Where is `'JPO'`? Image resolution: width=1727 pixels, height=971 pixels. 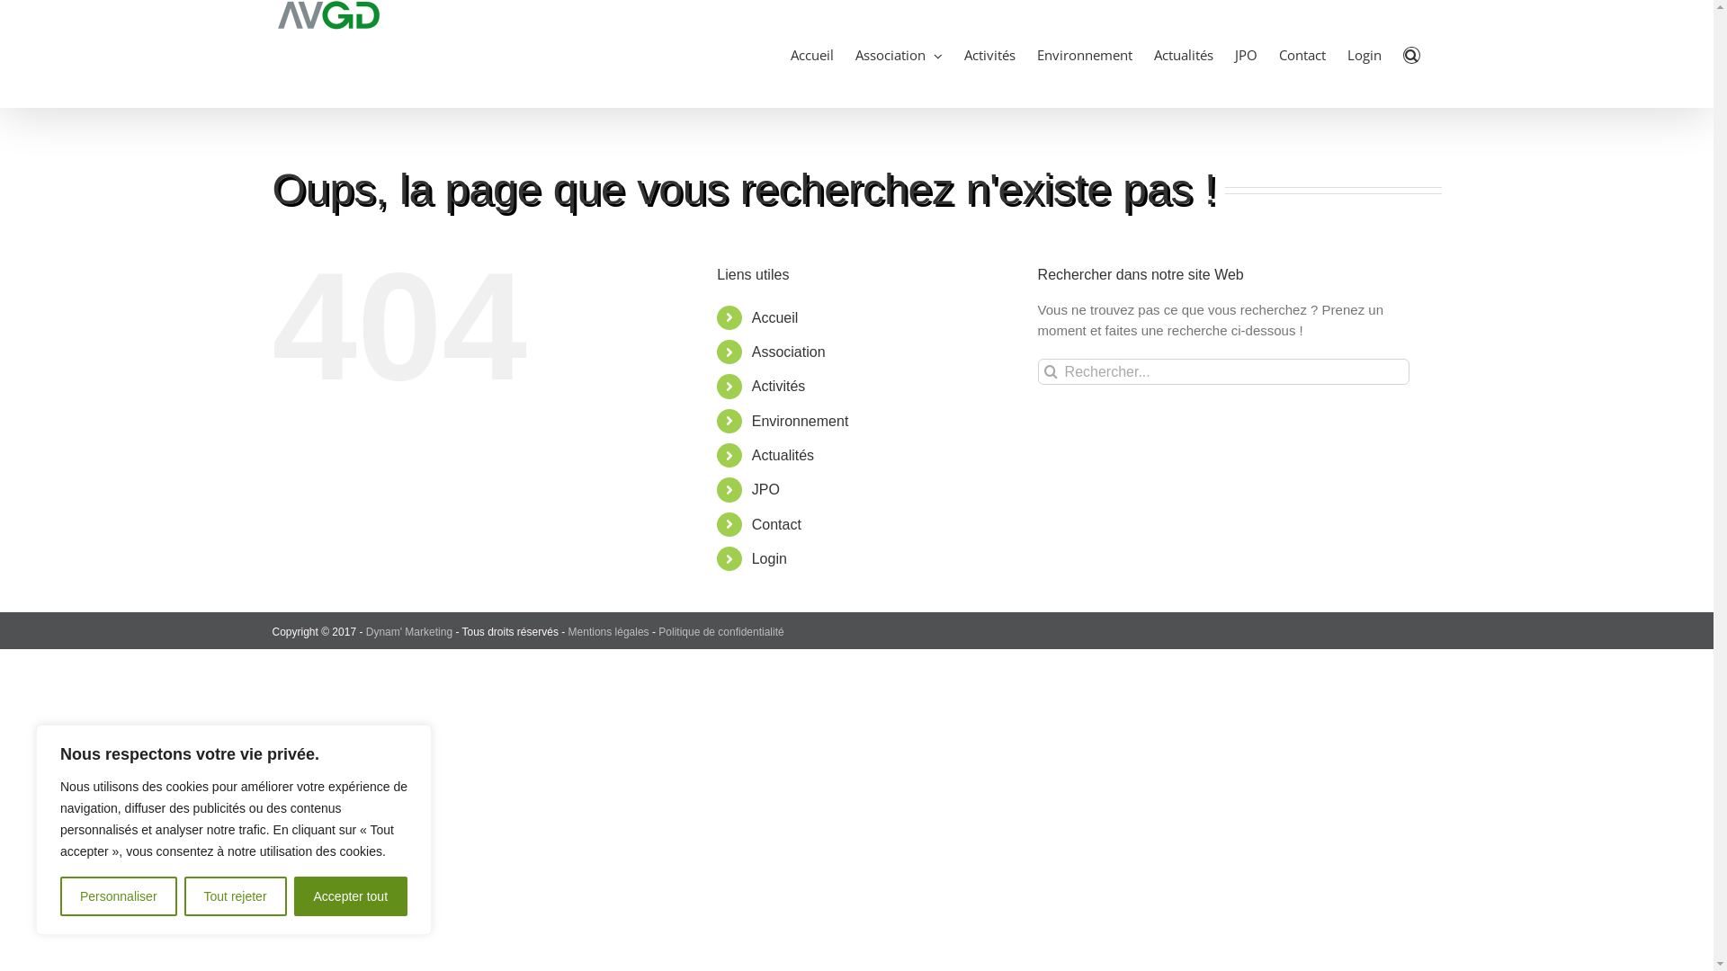 'JPO' is located at coordinates (1245, 53).